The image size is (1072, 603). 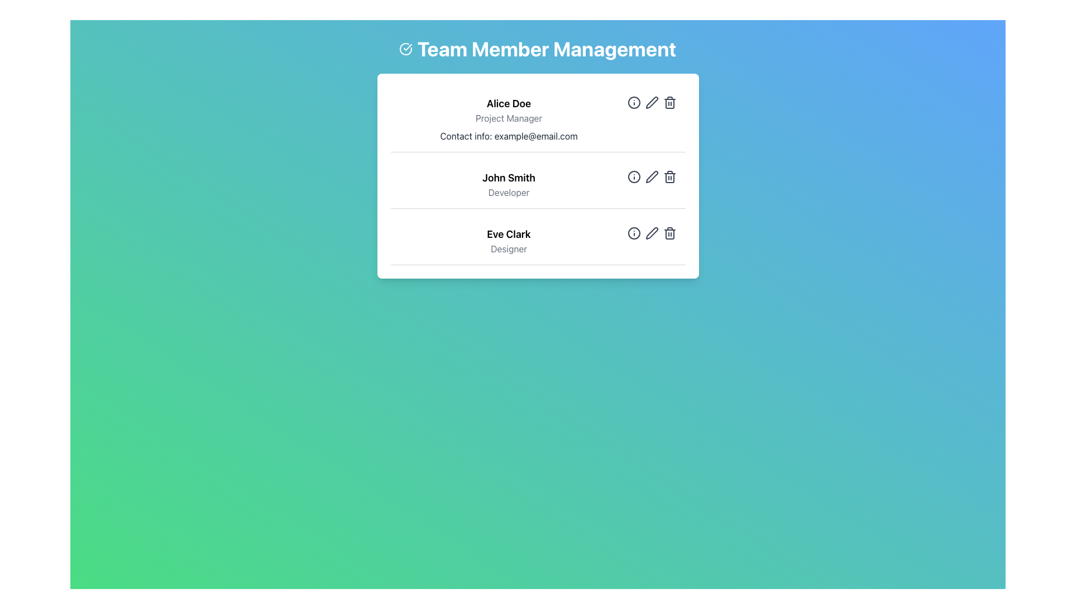 I want to click on the trash icon in the row of action buttons, so click(x=669, y=103).